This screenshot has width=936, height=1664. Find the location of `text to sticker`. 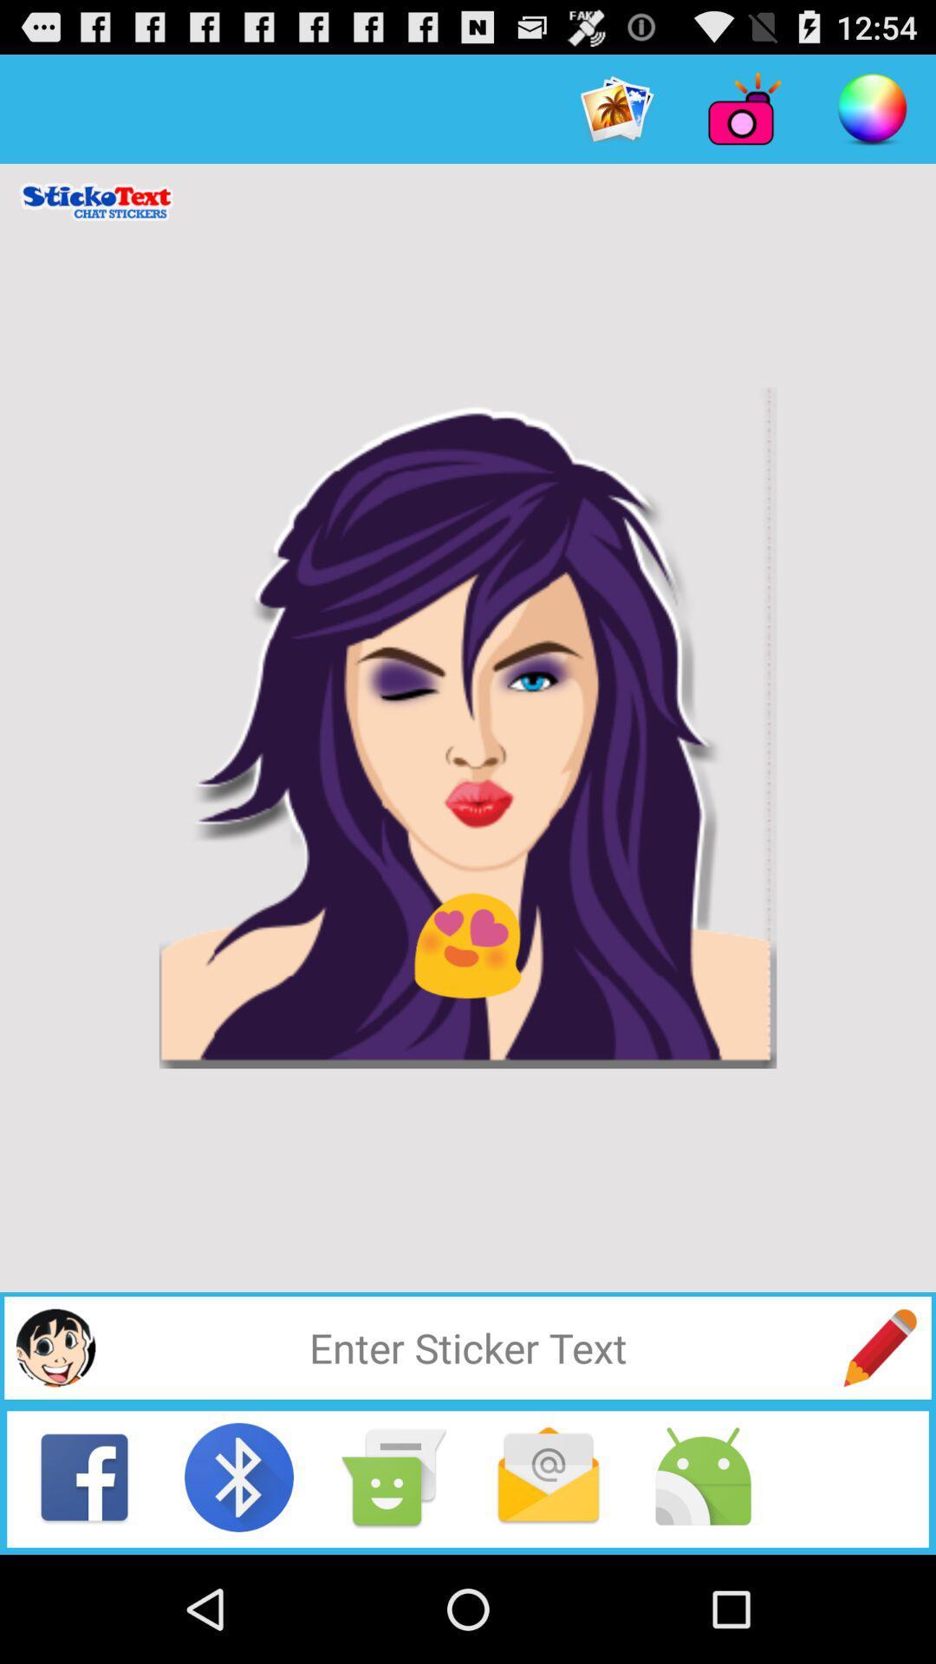

text to sticker is located at coordinates (468, 1347).